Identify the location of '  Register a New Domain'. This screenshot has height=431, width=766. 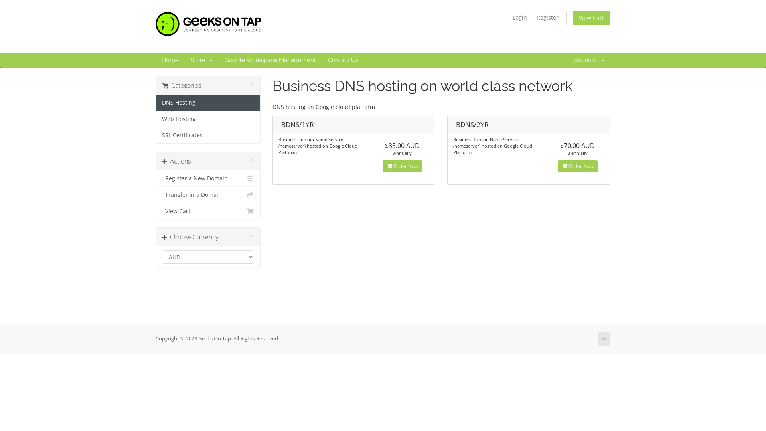
(208, 178).